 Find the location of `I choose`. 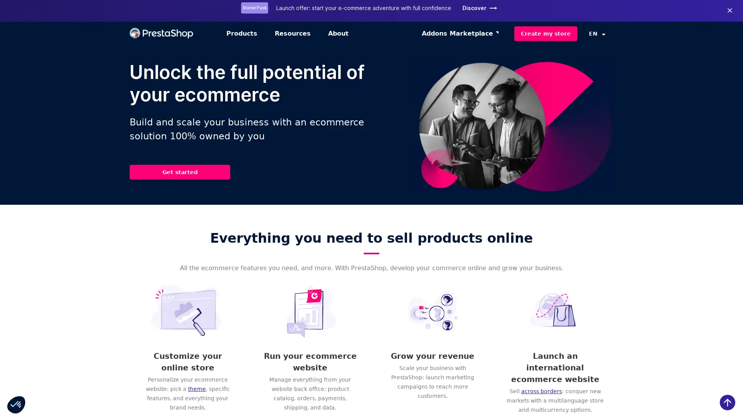

I choose is located at coordinates (89, 379).